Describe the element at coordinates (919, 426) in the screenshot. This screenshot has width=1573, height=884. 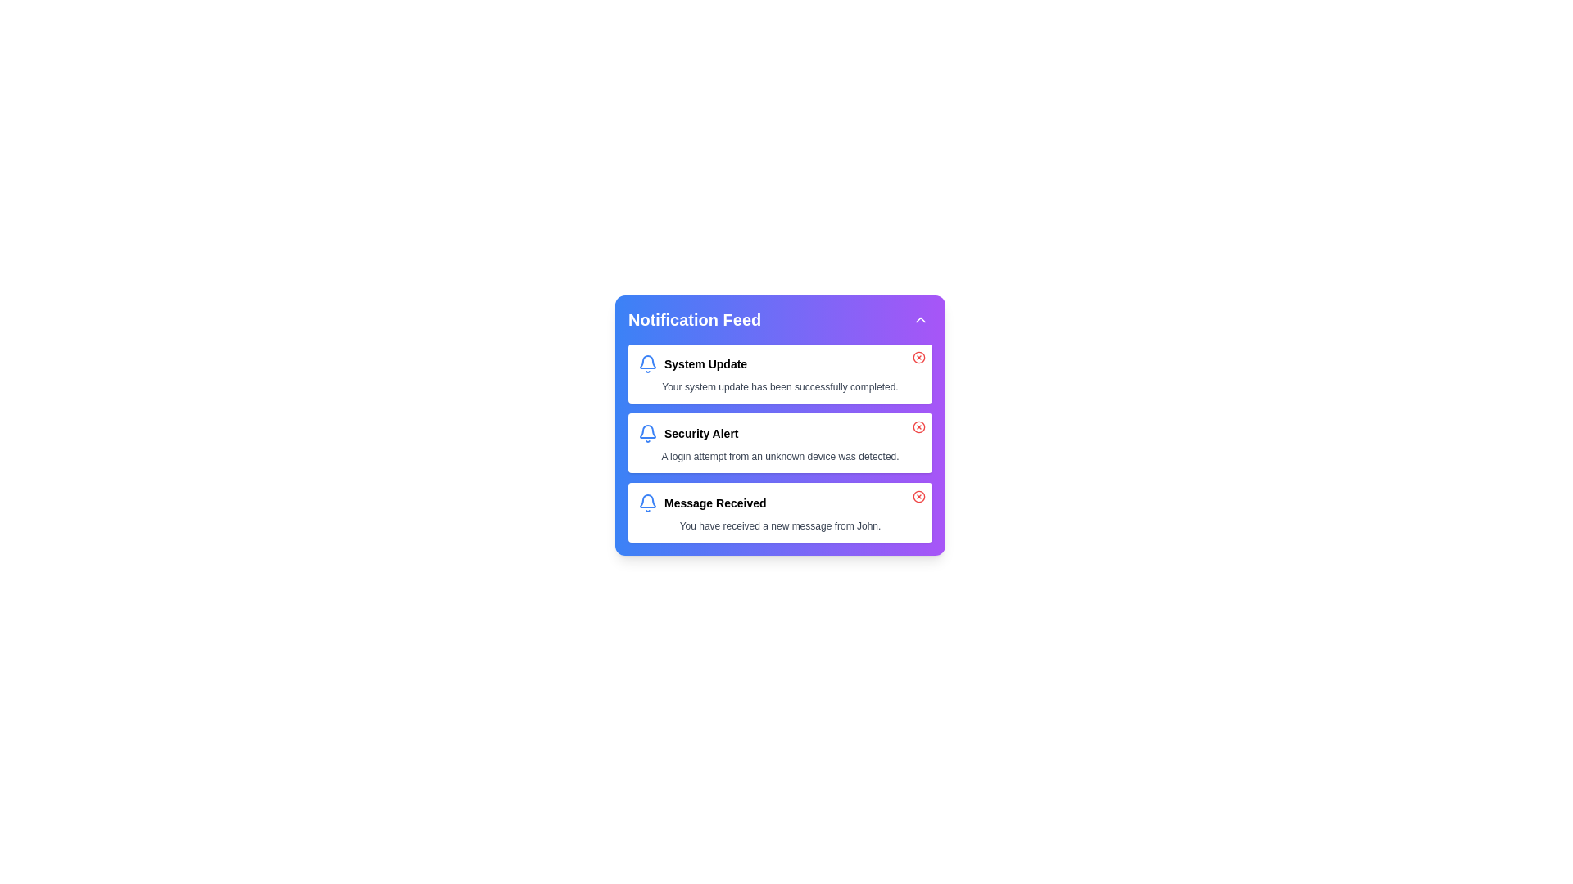
I see `the close button circular icon located at the upper-right corner of the 'Security Alert' notification card` at that location.